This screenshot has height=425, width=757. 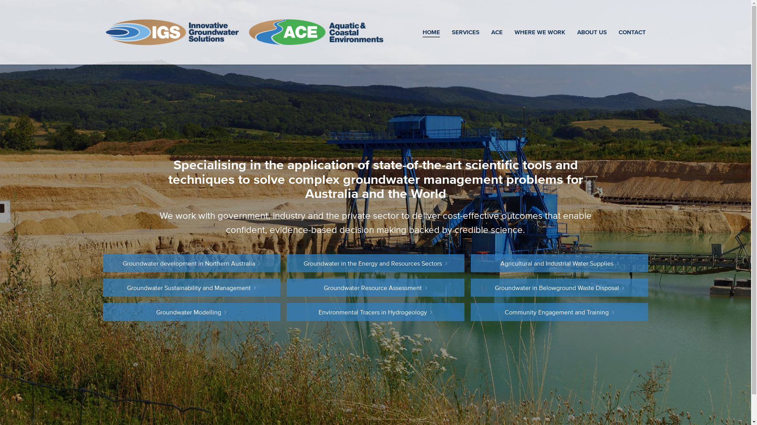 What do you see at coordinates (539, 31) in the screenshot?
I see `'WHERE WE WORK'` at bounding box center [539, 31].